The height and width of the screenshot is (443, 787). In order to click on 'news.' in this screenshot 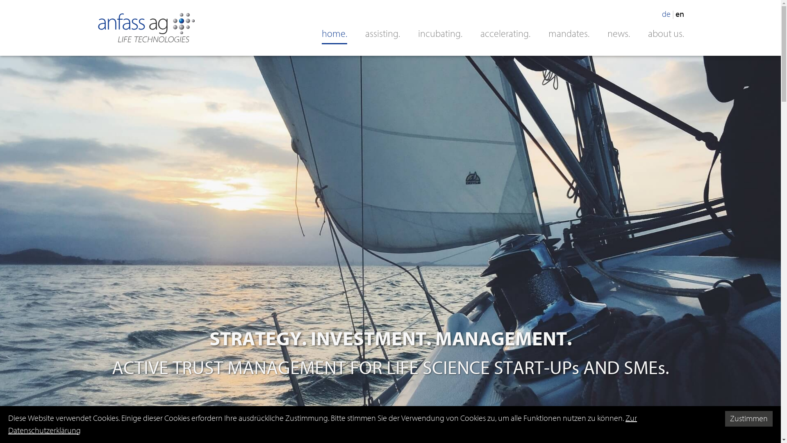, I will do `click(619, 33)`.